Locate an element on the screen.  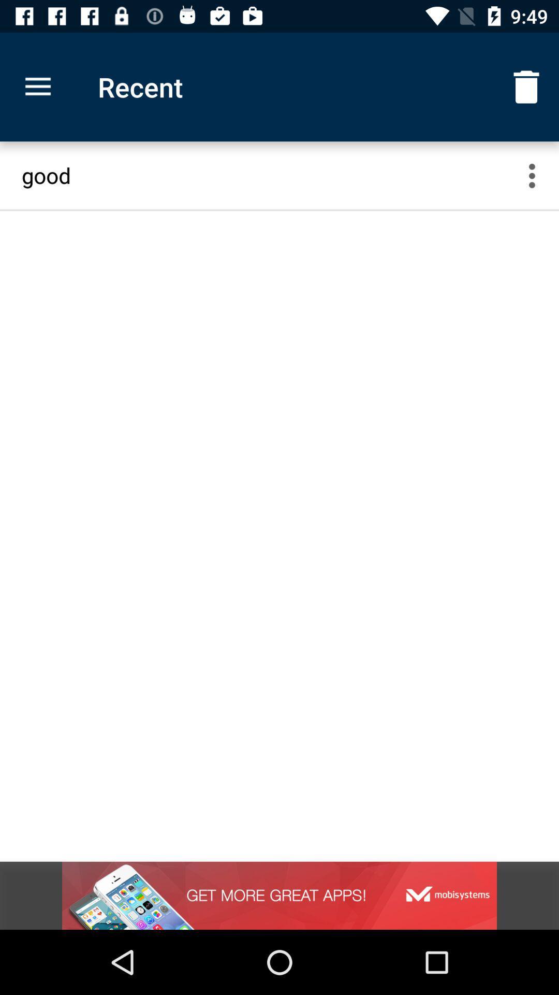
good item is located at coordinates (269, 175).